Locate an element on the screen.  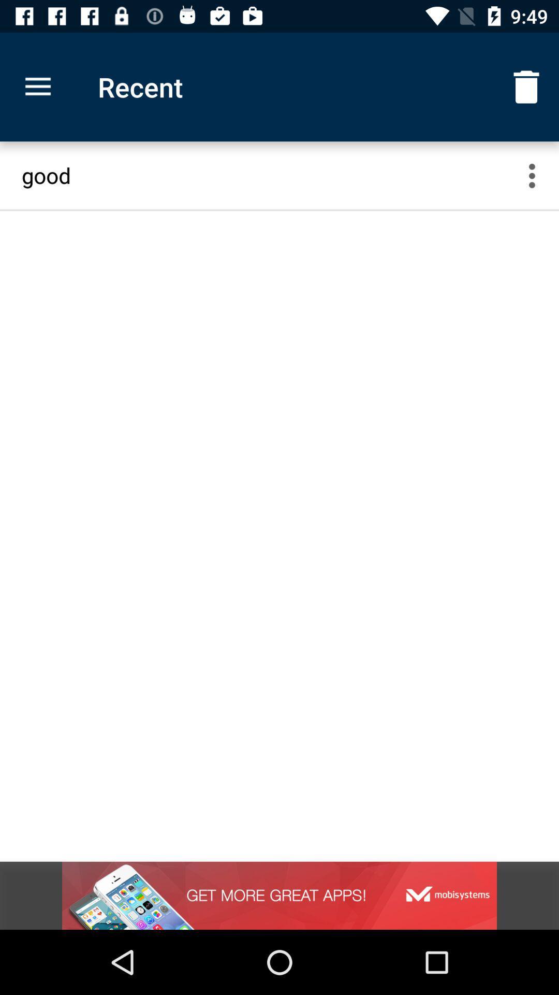
good item is located at coordinates (269, 175).